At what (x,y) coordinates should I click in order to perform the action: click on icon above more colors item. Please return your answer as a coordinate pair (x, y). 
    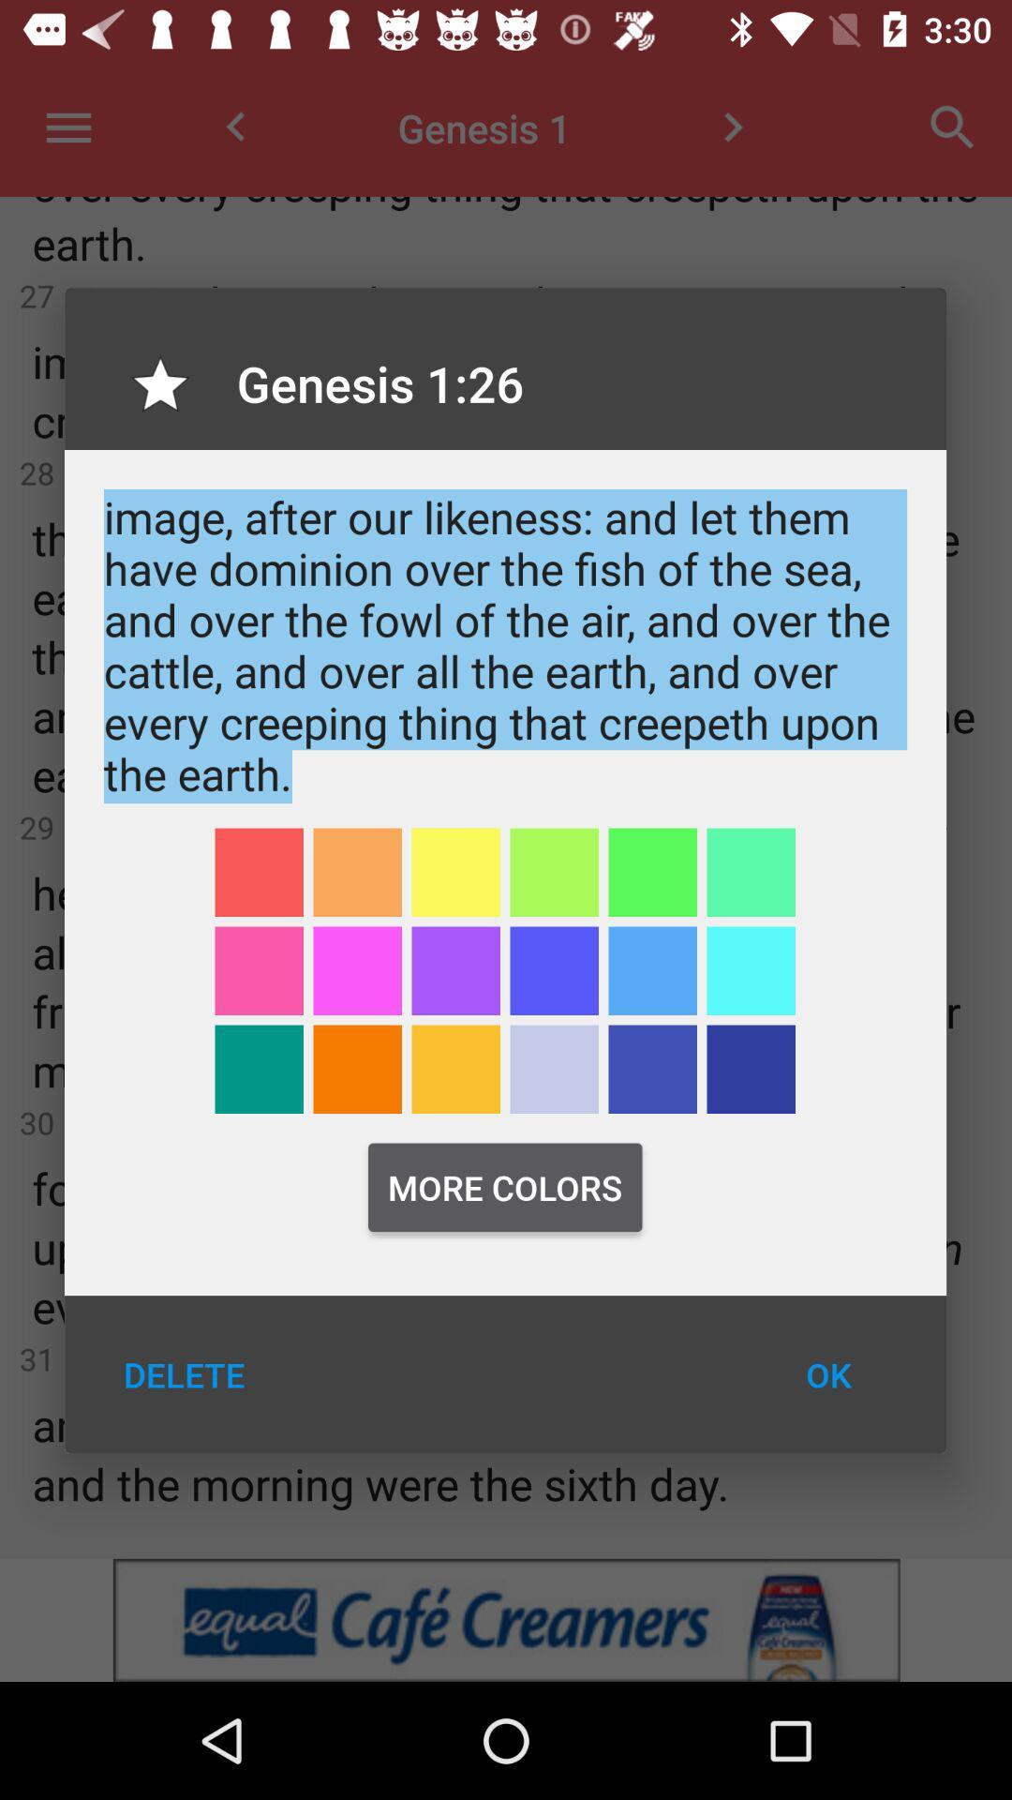
    Looking at the image, I should click on (651, 1069).